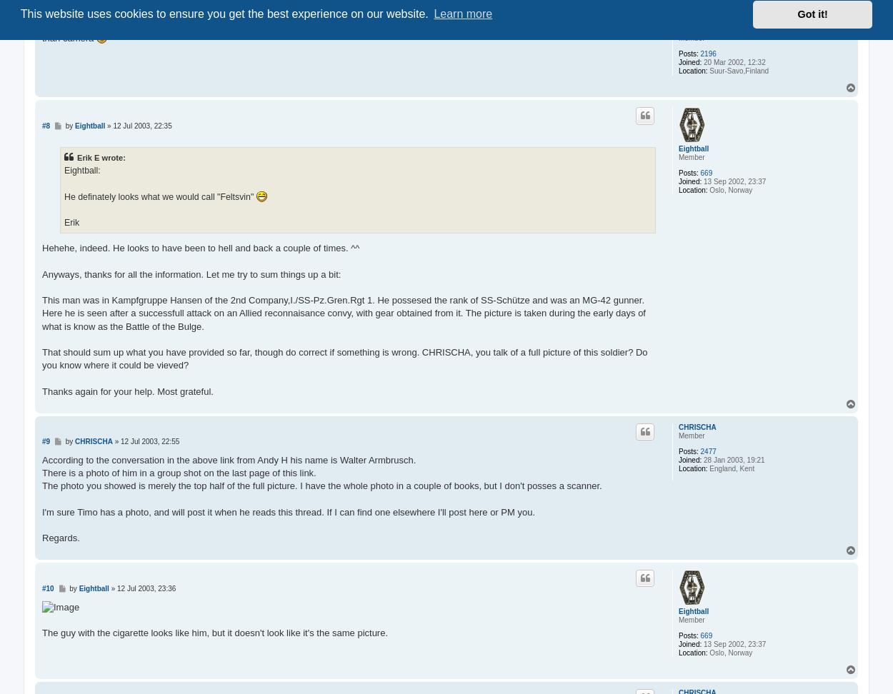 This screenshot has width=893, height=694. I want to click on 'That should sum up what you have provided so far, though do correct if something is wrong. CHRISCHA, you talk of a full picture of this soldier? Do you know where it could be vieved?', so click(42, 358).